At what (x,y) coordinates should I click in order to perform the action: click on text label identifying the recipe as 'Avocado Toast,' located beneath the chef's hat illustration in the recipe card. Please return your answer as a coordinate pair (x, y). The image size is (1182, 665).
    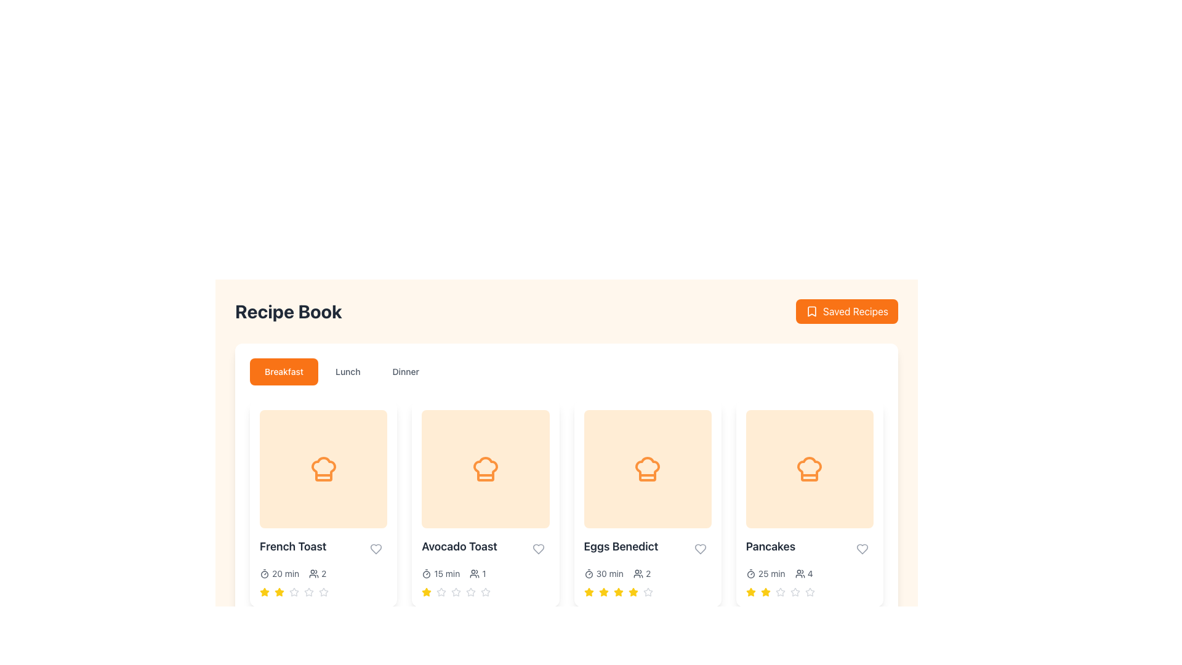
    Looking at the image, I should click on (459, 546).